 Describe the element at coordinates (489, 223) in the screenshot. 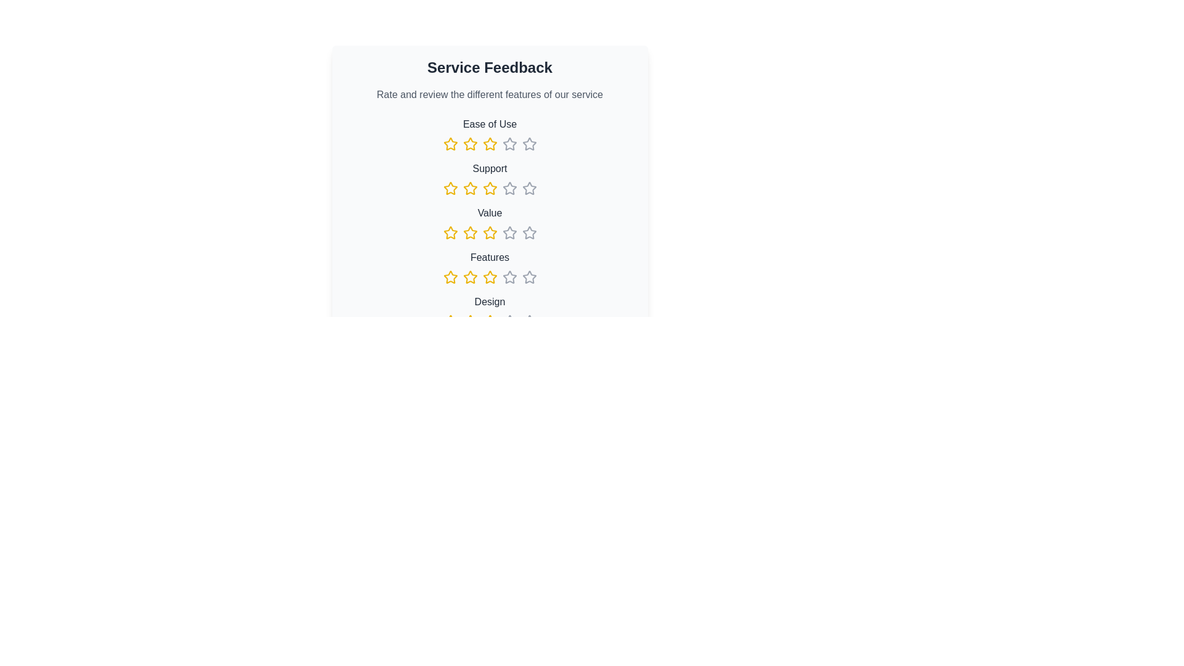

I see `the 'Value' rating element, which is the third category in a vertical list of rating criteria, displaying a five-star rating for evaluating service aspects` at that location.